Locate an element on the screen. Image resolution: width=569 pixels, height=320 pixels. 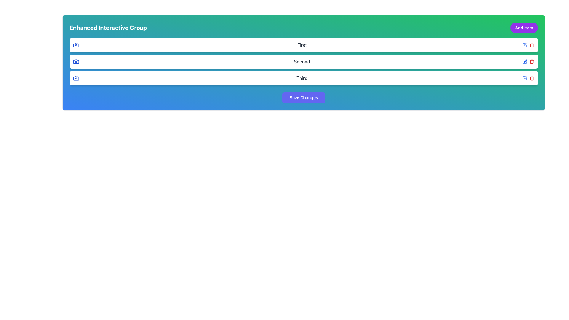
the camera icon in the second row of the list, which represents the outer body of the camera, located directly before the text 'Second' is located at coordinates (76, 62).